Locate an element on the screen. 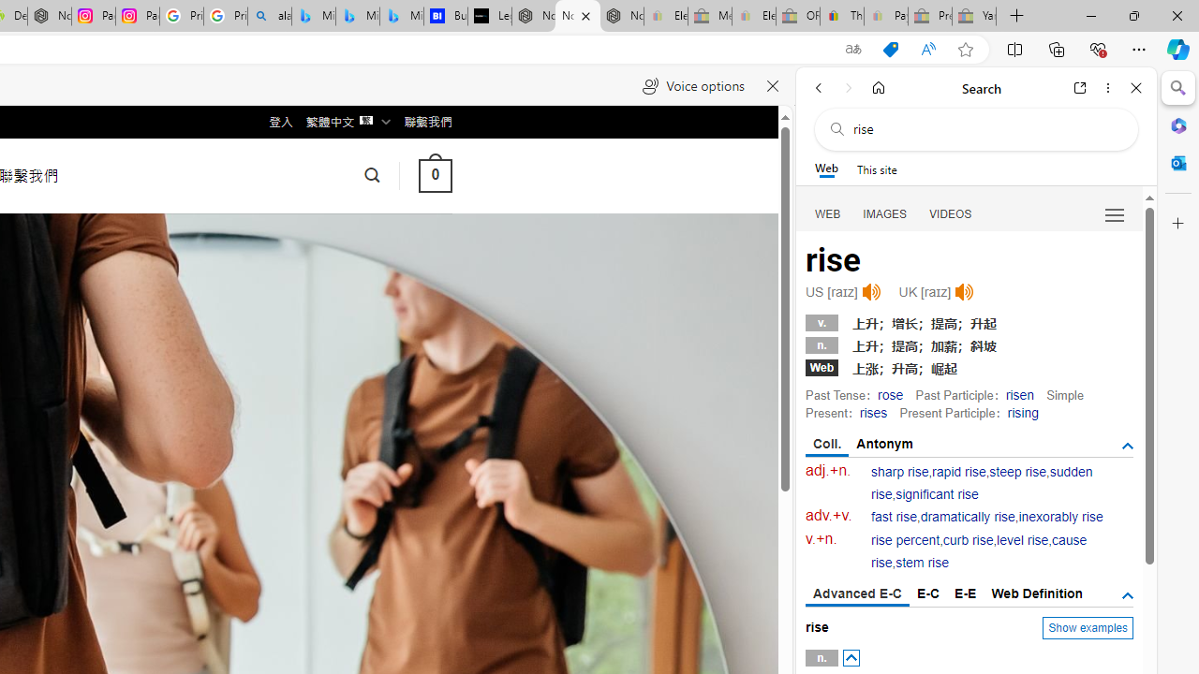 The height and width of the screenshot is (674, 1199). 'rise percent' is located at coordinates (906, 540).